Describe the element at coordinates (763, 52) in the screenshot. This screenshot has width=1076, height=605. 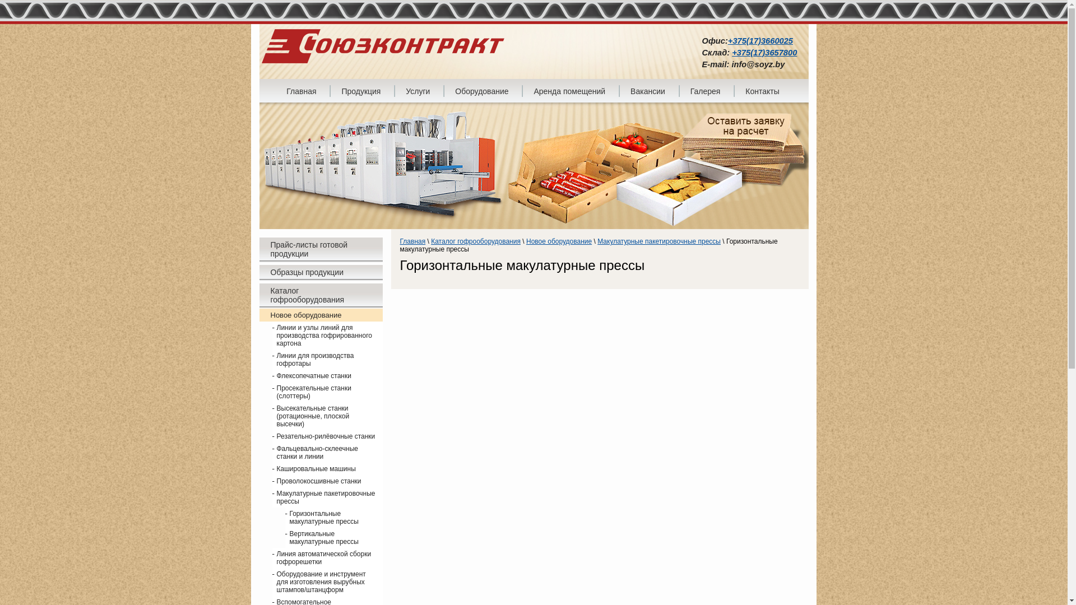
I see `'+375(17)3657800'` at that location.